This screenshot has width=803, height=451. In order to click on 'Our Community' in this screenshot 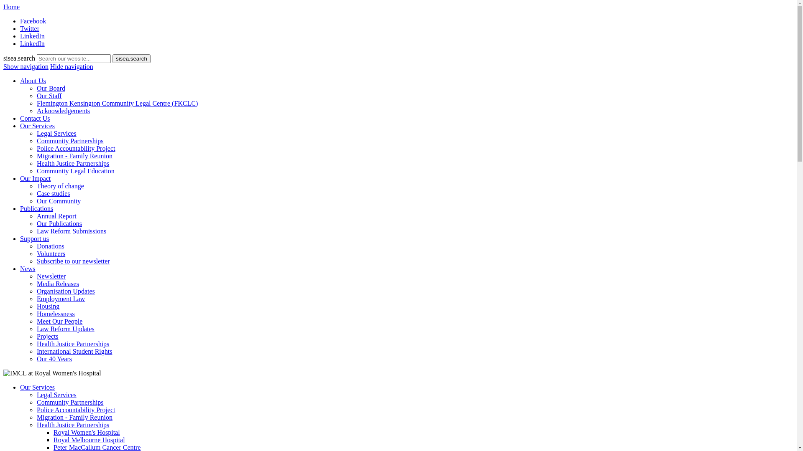, I will do `click(58, 201)`.